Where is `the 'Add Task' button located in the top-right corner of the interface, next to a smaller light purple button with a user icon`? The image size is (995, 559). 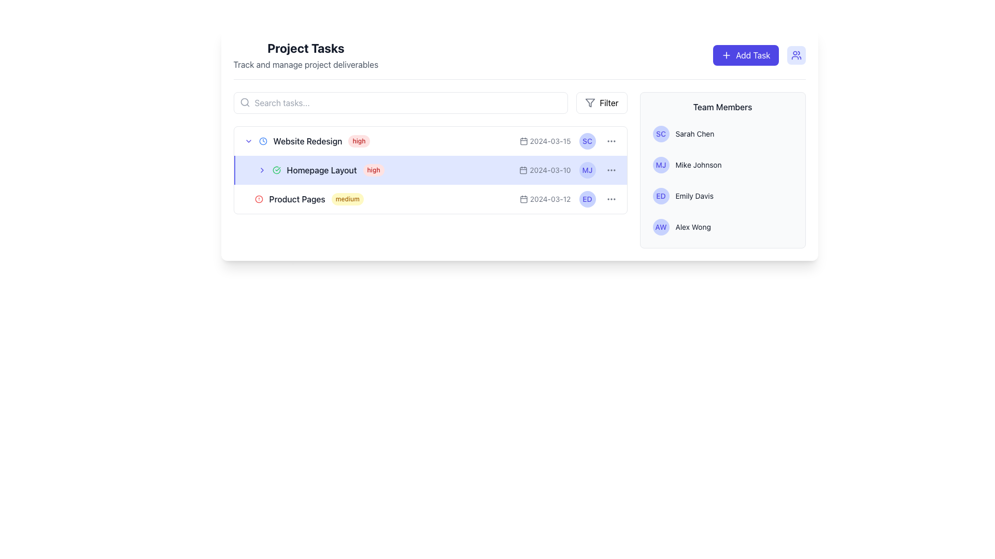
the 'Add Task' button located in the top-right corner of the interface, next to a smaller light purple button with a user icon is located at coordinates (759, 55).